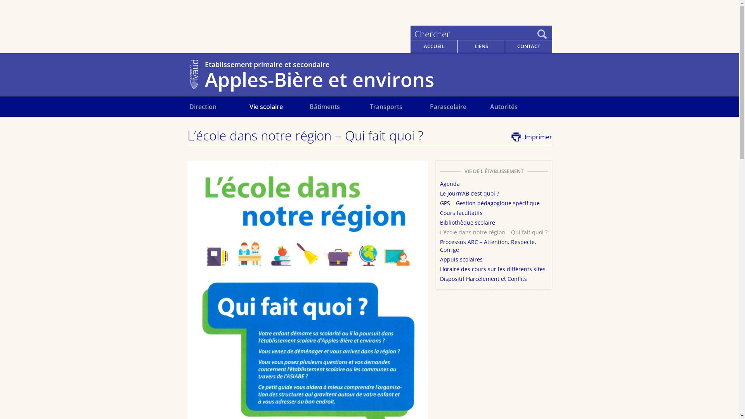 This screenshot has width=745, height=419. What do you see at coordinates (461, 213) in the screenshot?
I see `'Cours facultatifs'` at bounding box center [461, 213].